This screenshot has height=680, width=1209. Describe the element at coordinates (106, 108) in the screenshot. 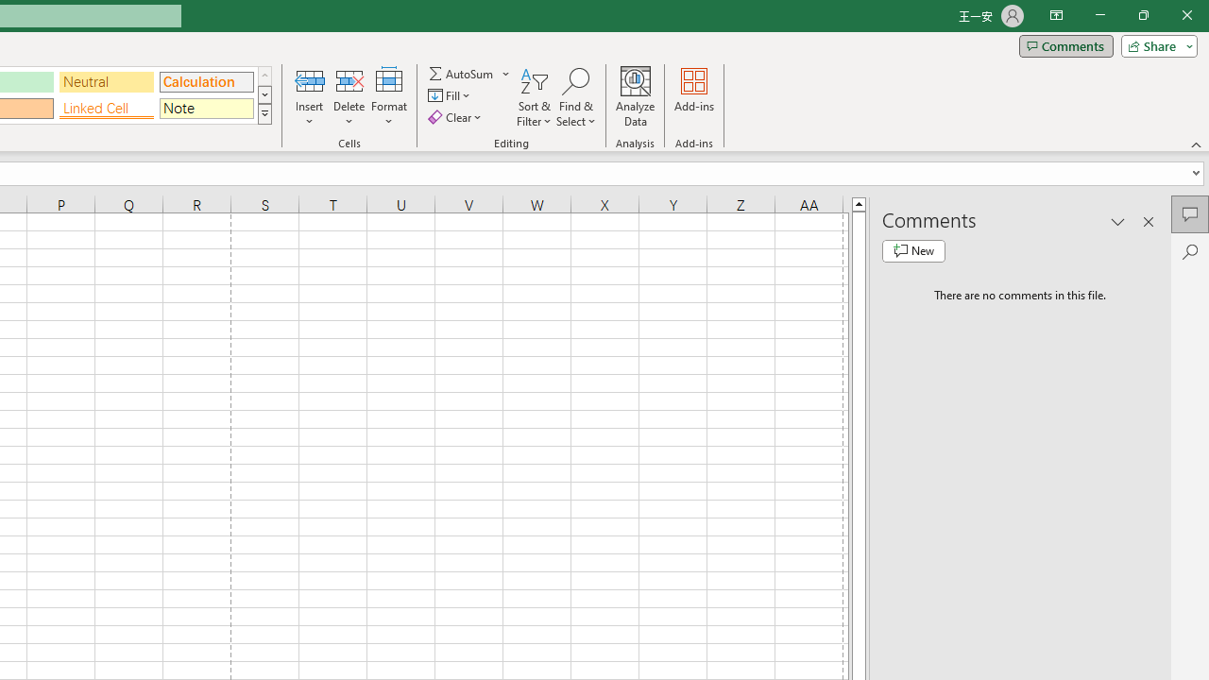

I see `'Linked Cell'` at that location.